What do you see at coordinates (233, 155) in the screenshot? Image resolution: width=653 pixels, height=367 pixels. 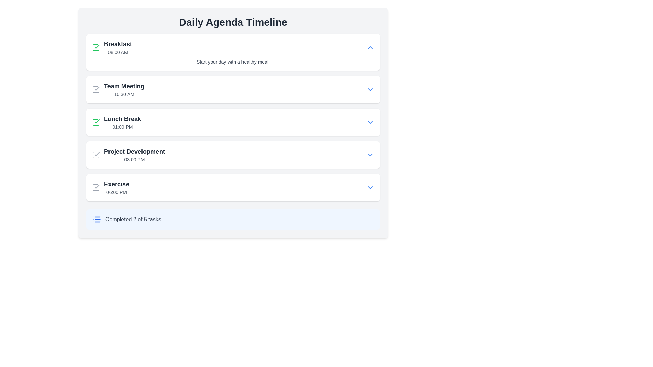 I see `the timeline entry for 'Project Development' scheduled at 3:00 PM` at bounding box center [233, 155].